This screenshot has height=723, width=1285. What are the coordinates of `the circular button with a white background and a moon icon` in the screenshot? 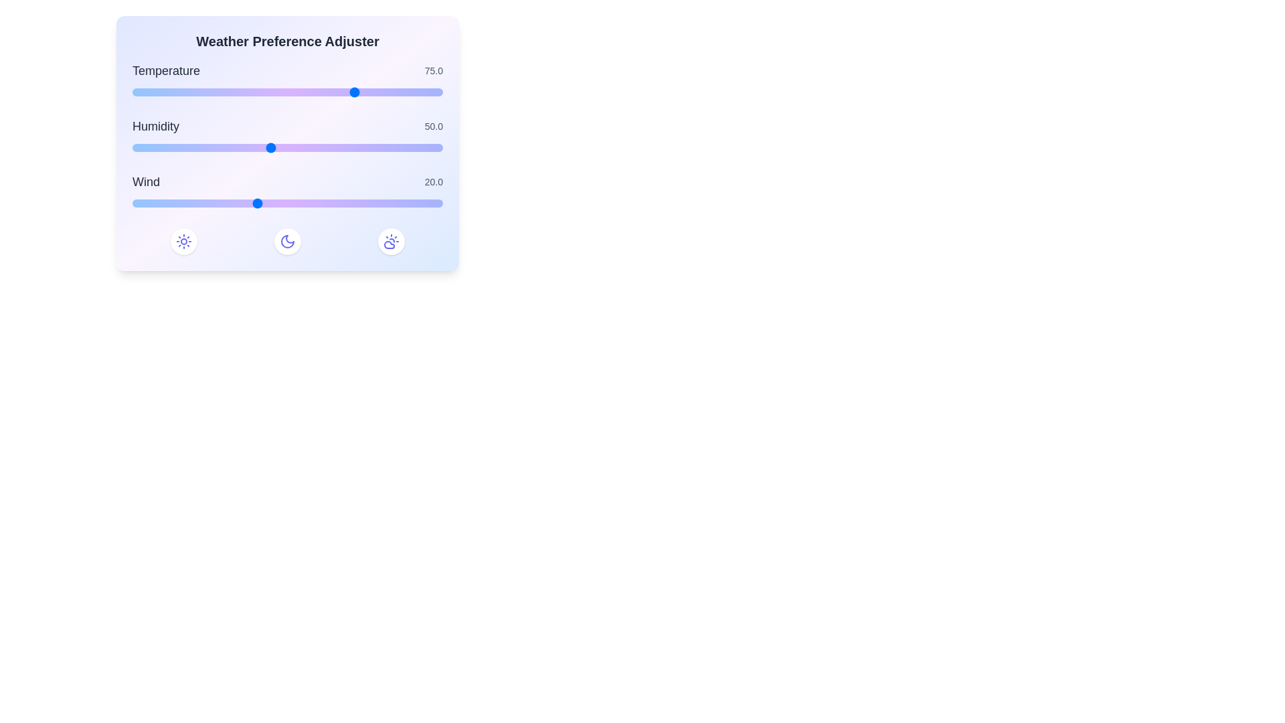 It's located at (286, 242).